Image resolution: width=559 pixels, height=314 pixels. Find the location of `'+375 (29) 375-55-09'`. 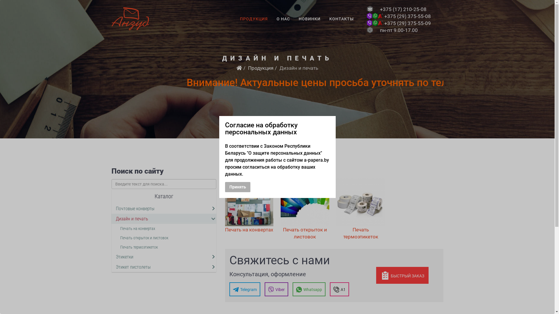

'+375 (29) 375-55-09' is located at coordinates (384, 23).